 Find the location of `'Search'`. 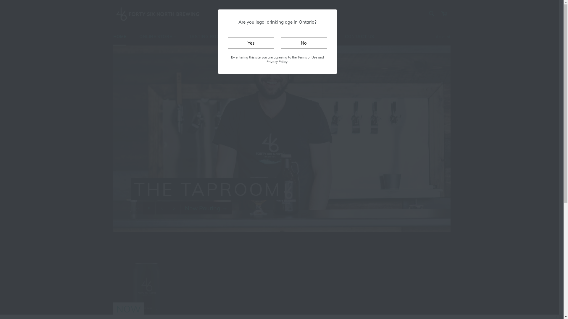

'Search' is located at coordinates (431, 13).